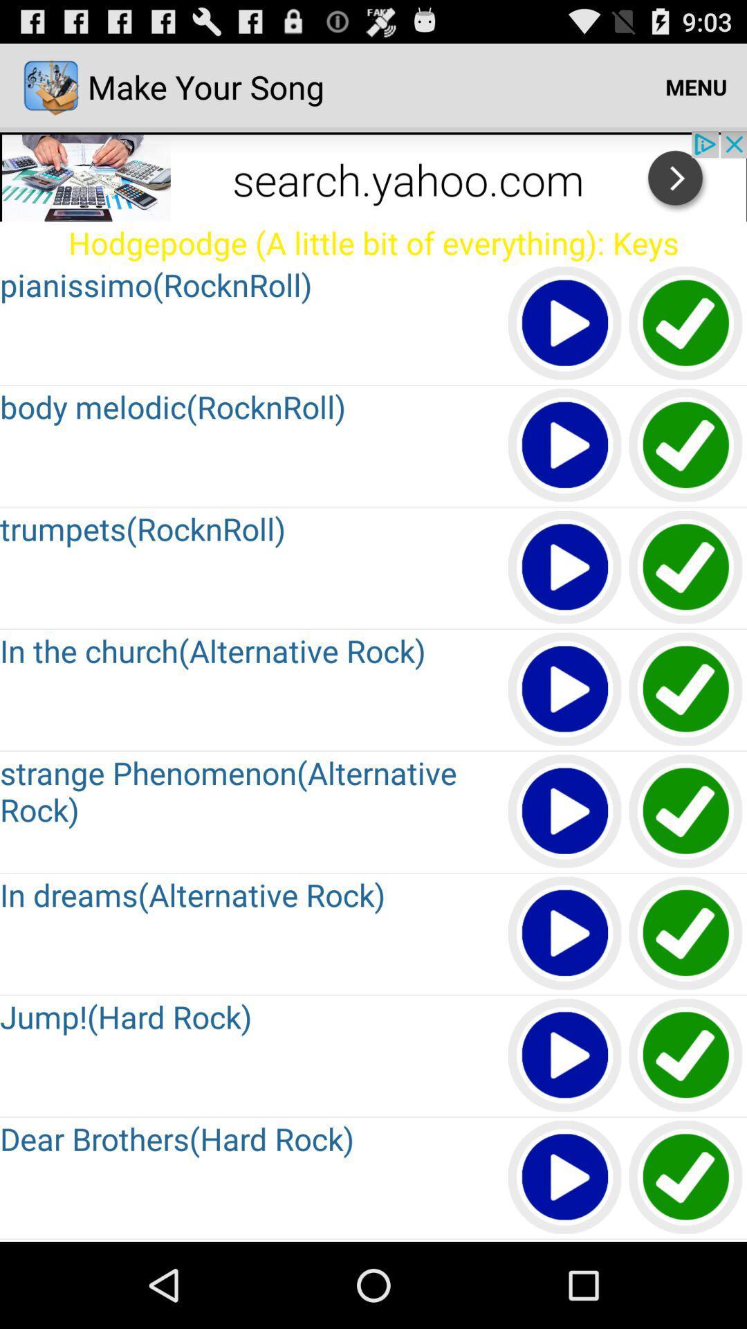 This screenshot has width=747, height=1329. I want to click on selected audio or video, so click(565, 690).